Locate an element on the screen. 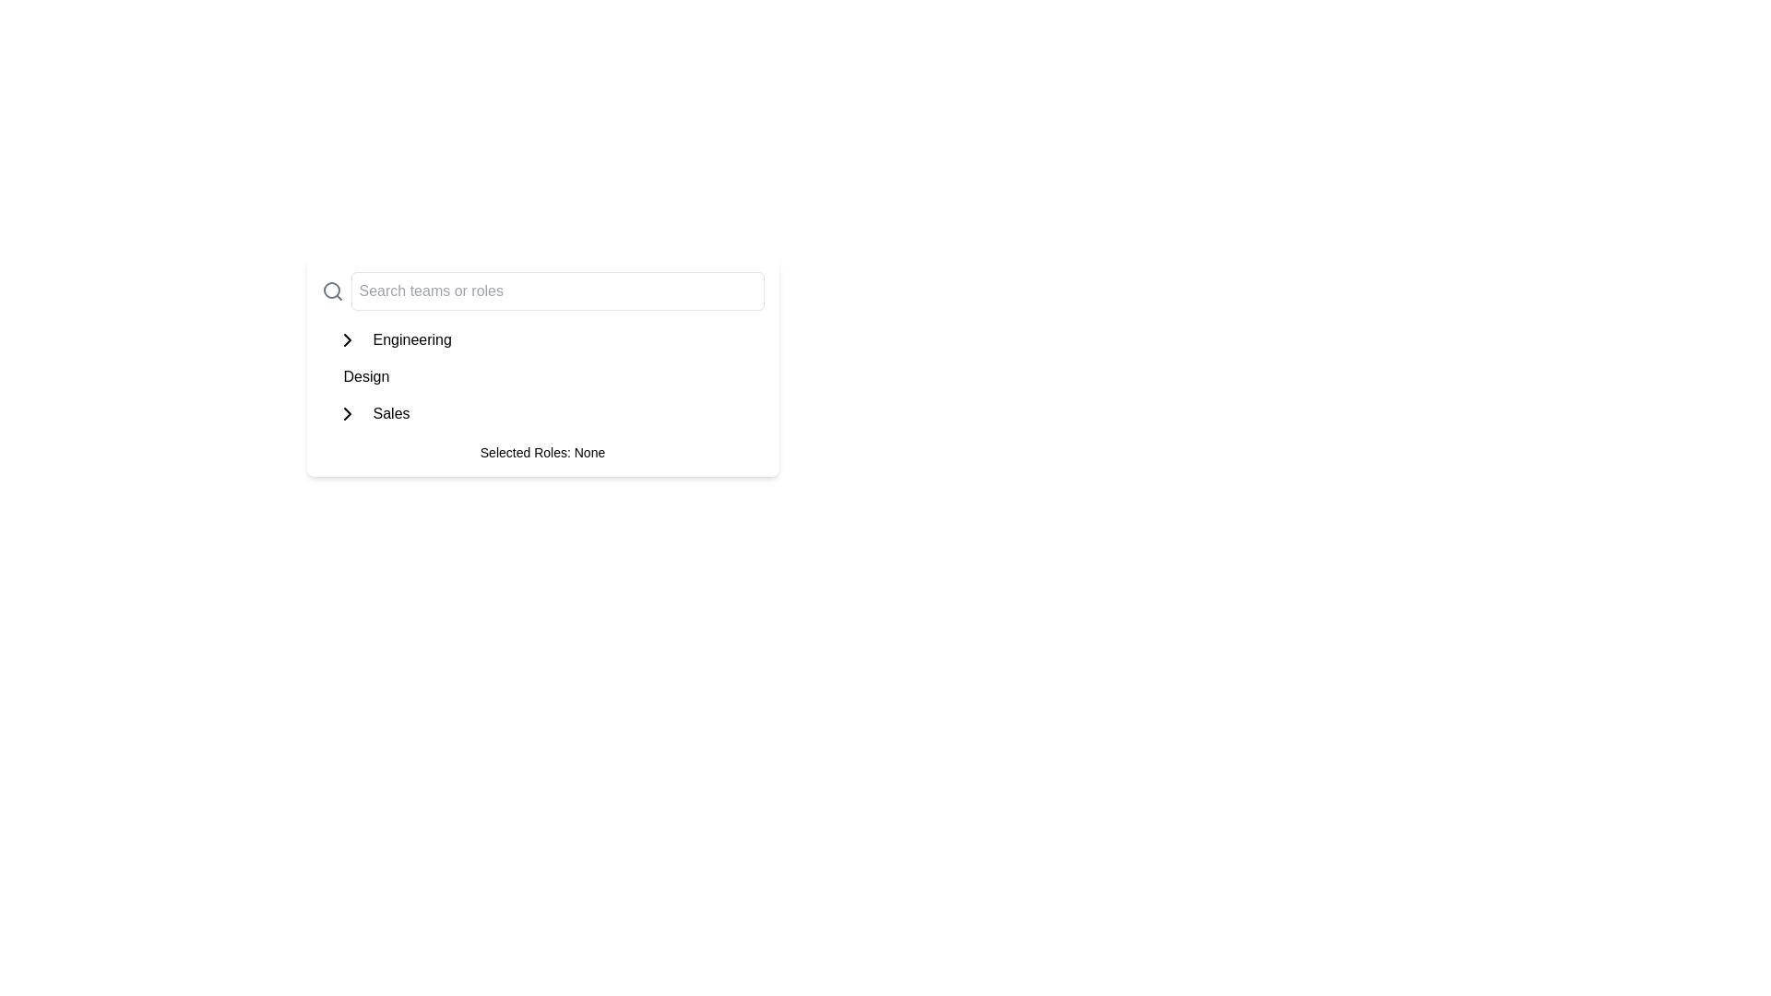 The height and width of the screenshot is (996, 1771). the 'Sales' expandable menu item located beneath the 'Design' section is located at coordinates (549, 412).